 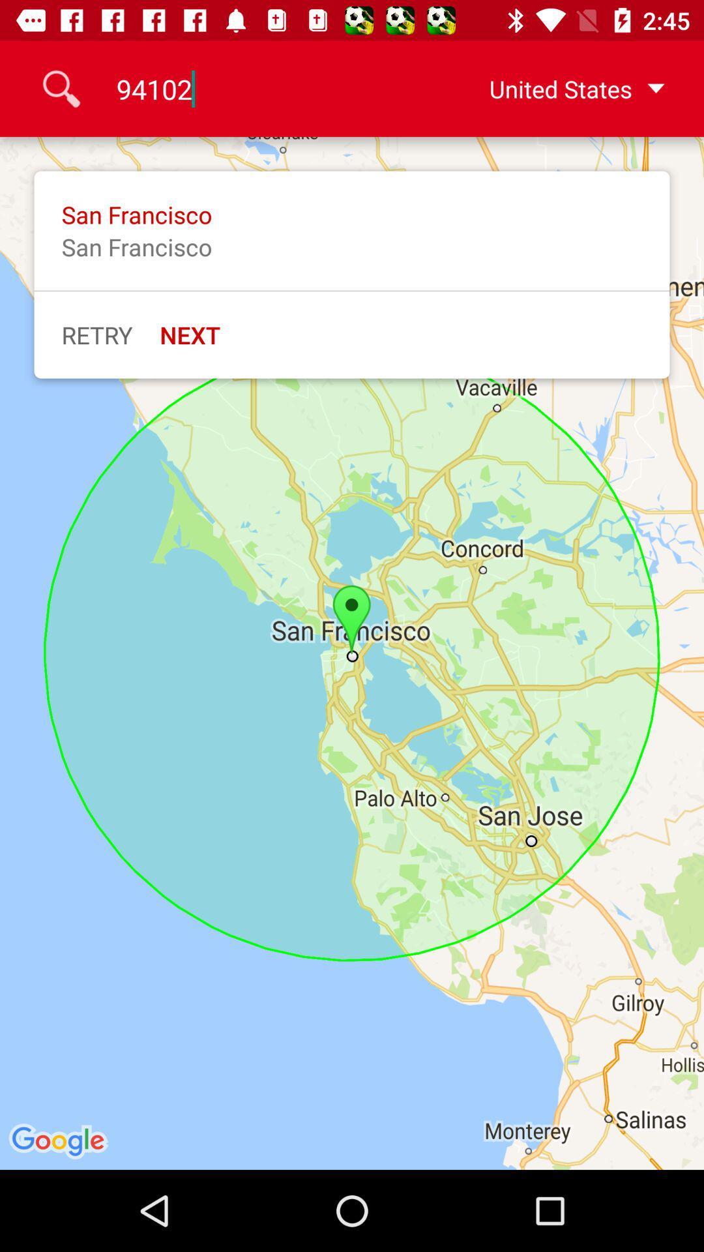 What do you see at coordinates (556, 88) in the screenshot?
I see `the united states item` at bounding box center [556, 88].